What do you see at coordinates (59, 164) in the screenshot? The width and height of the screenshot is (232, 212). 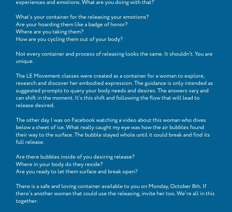 I see `'Where in your body do they reside?'` at bounding box center [59, 164].